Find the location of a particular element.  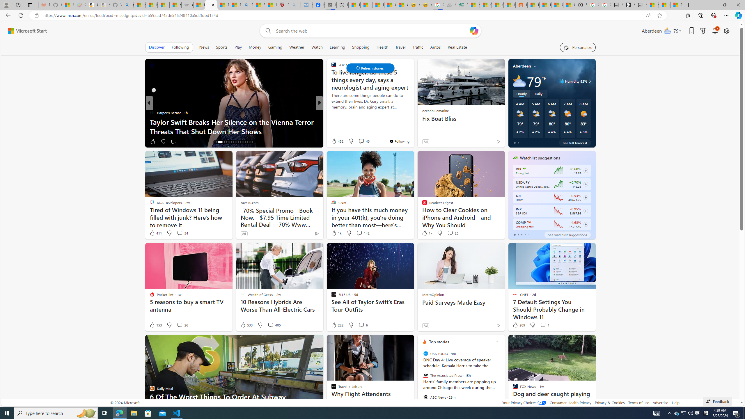

'View comments 6 Comment' is located at coordinates (363, 324).